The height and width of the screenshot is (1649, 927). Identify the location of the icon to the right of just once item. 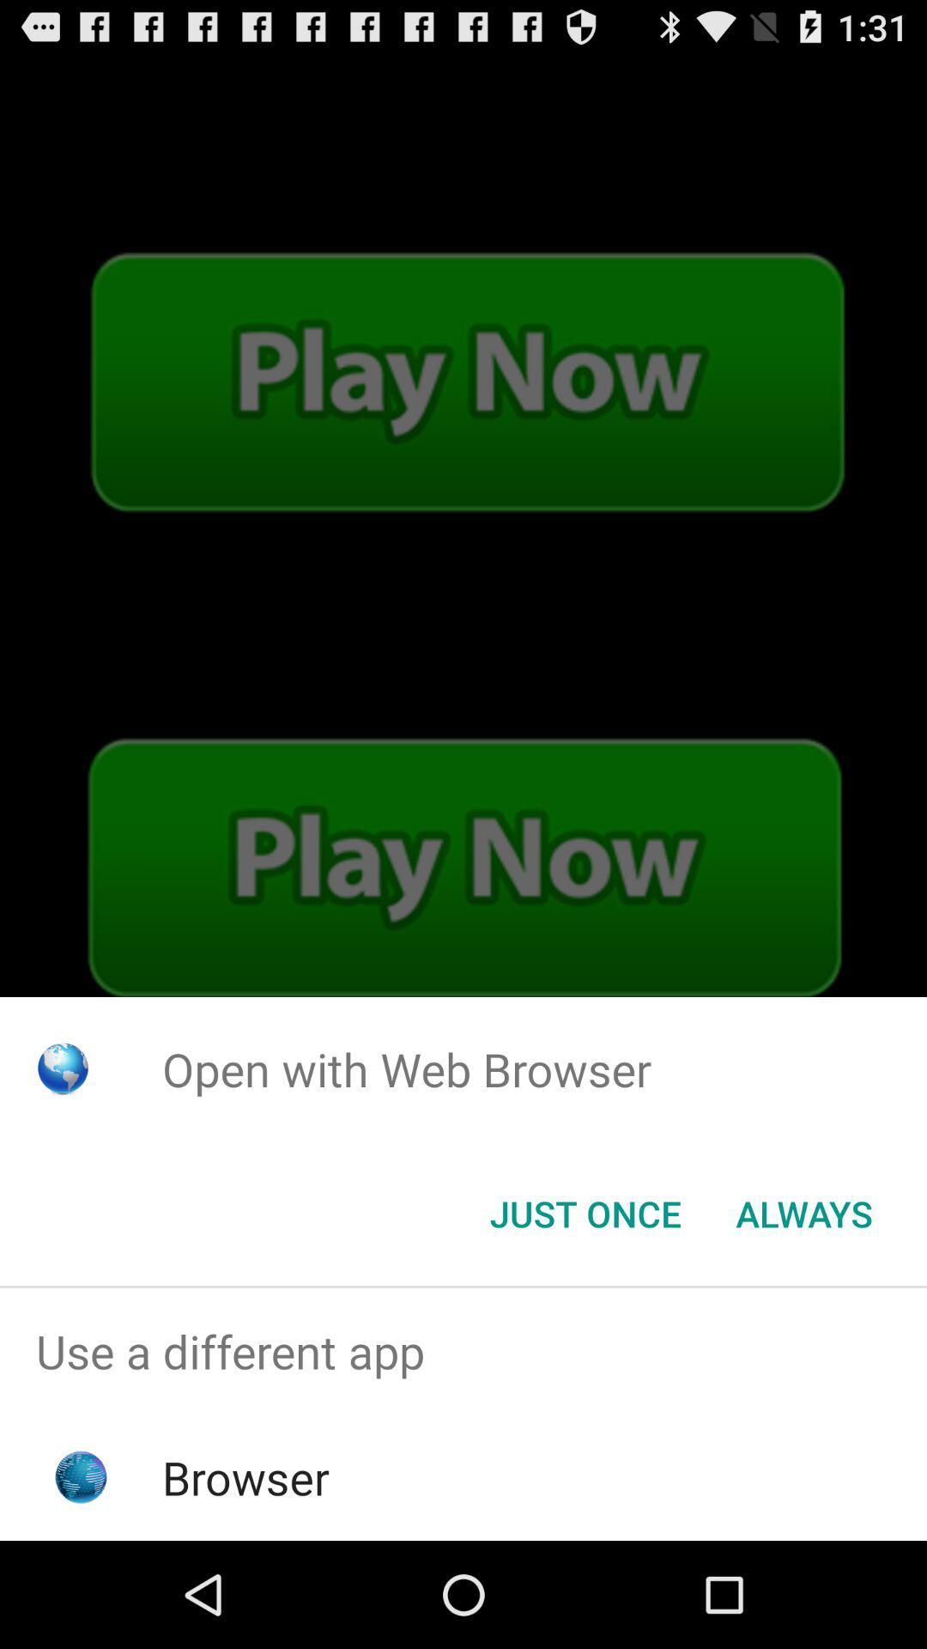
(804, 1212).